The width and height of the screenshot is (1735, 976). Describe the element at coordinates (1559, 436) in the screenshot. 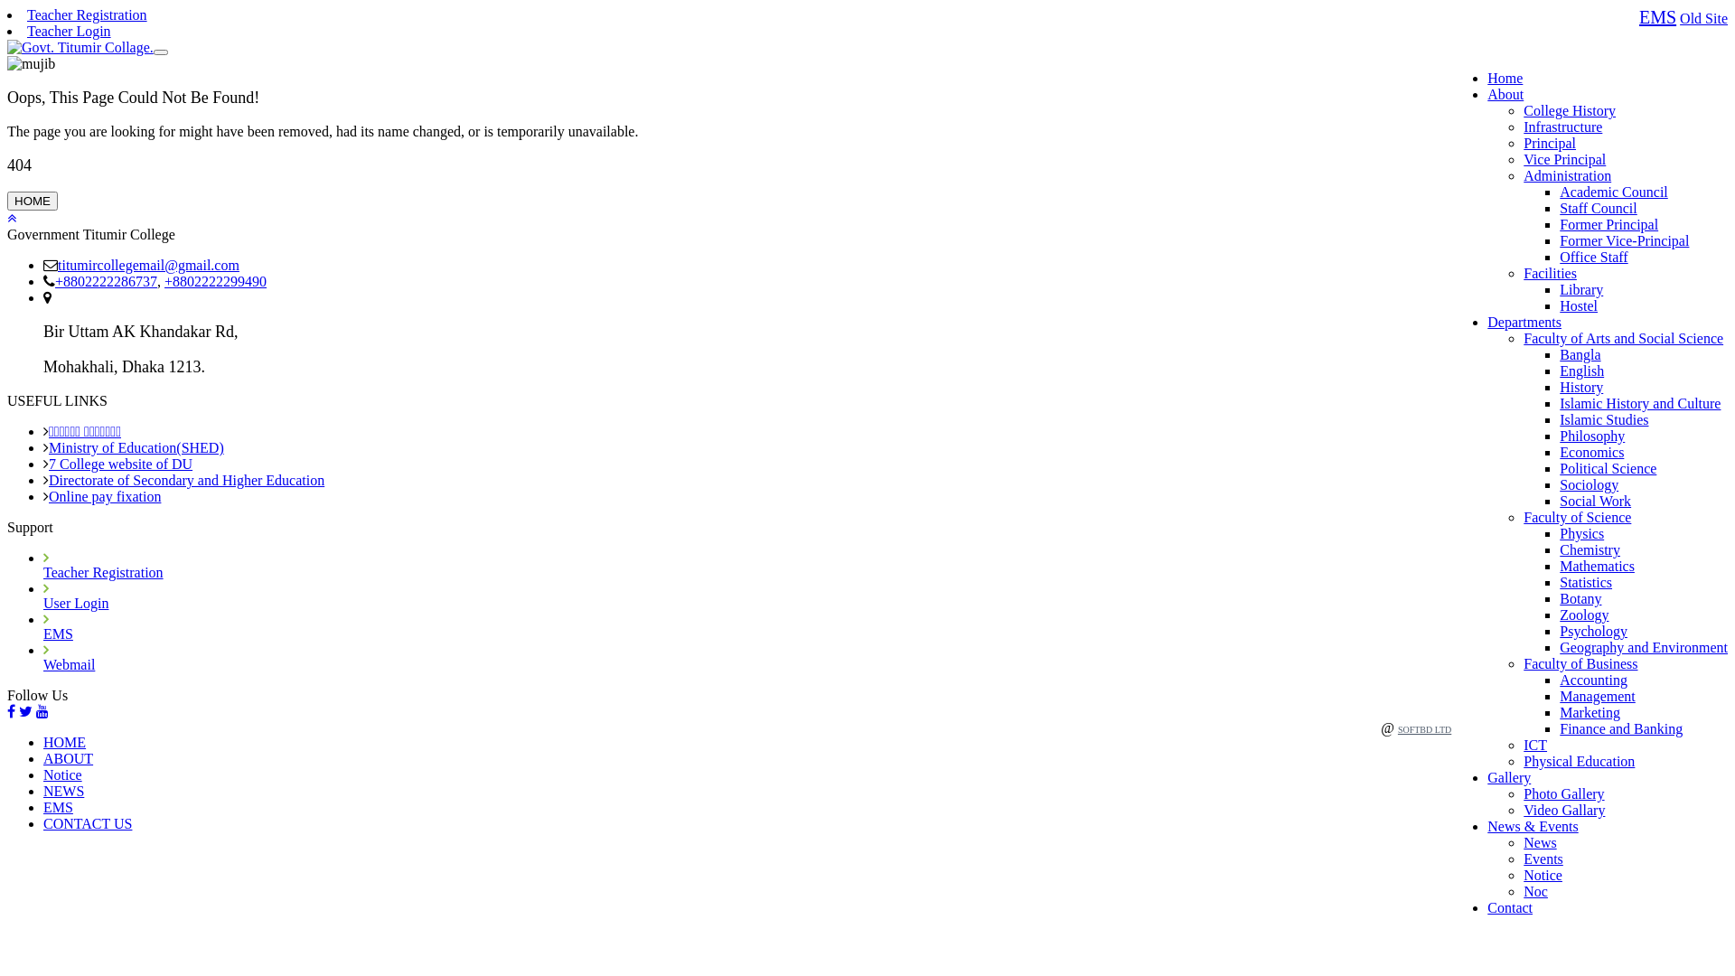

I see `'Philosophy'` at that location.